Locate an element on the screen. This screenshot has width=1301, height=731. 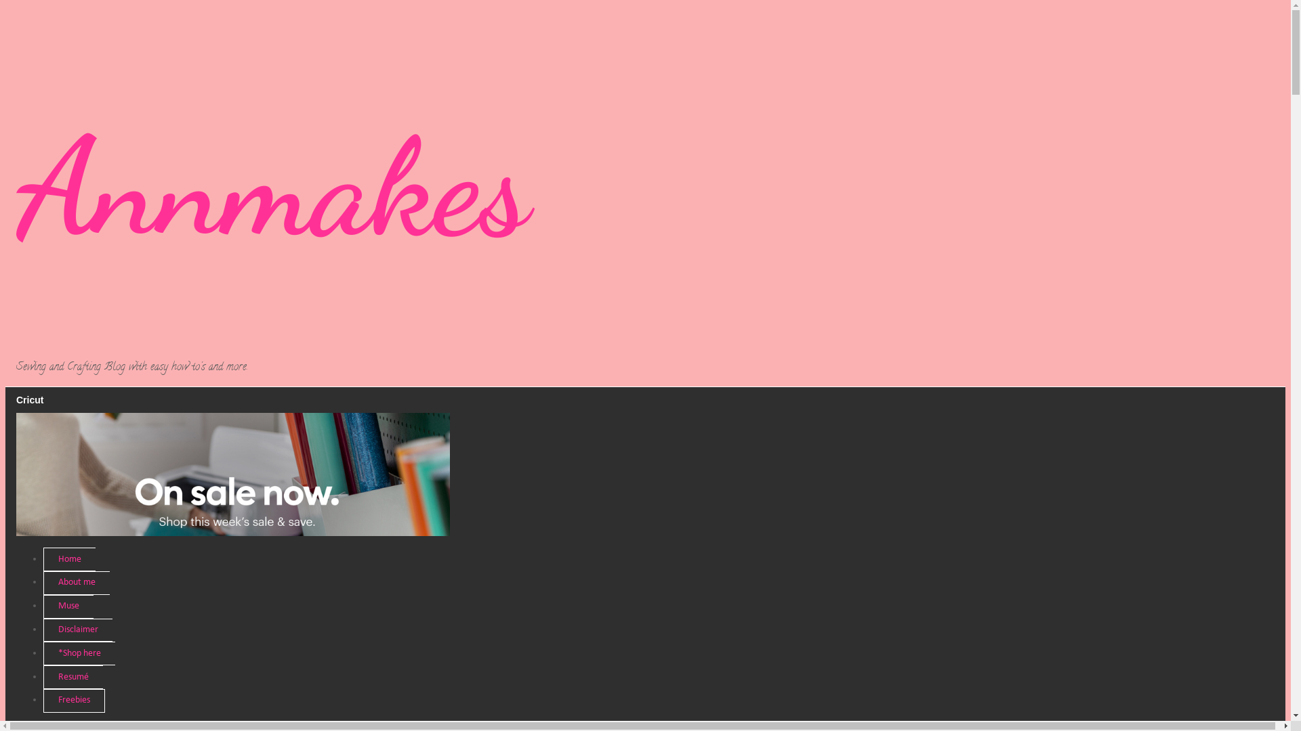
'Muse' is located at coordinates (67, 606).